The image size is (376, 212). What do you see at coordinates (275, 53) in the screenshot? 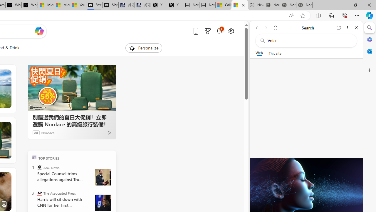
I see `'This site scope'` at bounding box center [275, 53].